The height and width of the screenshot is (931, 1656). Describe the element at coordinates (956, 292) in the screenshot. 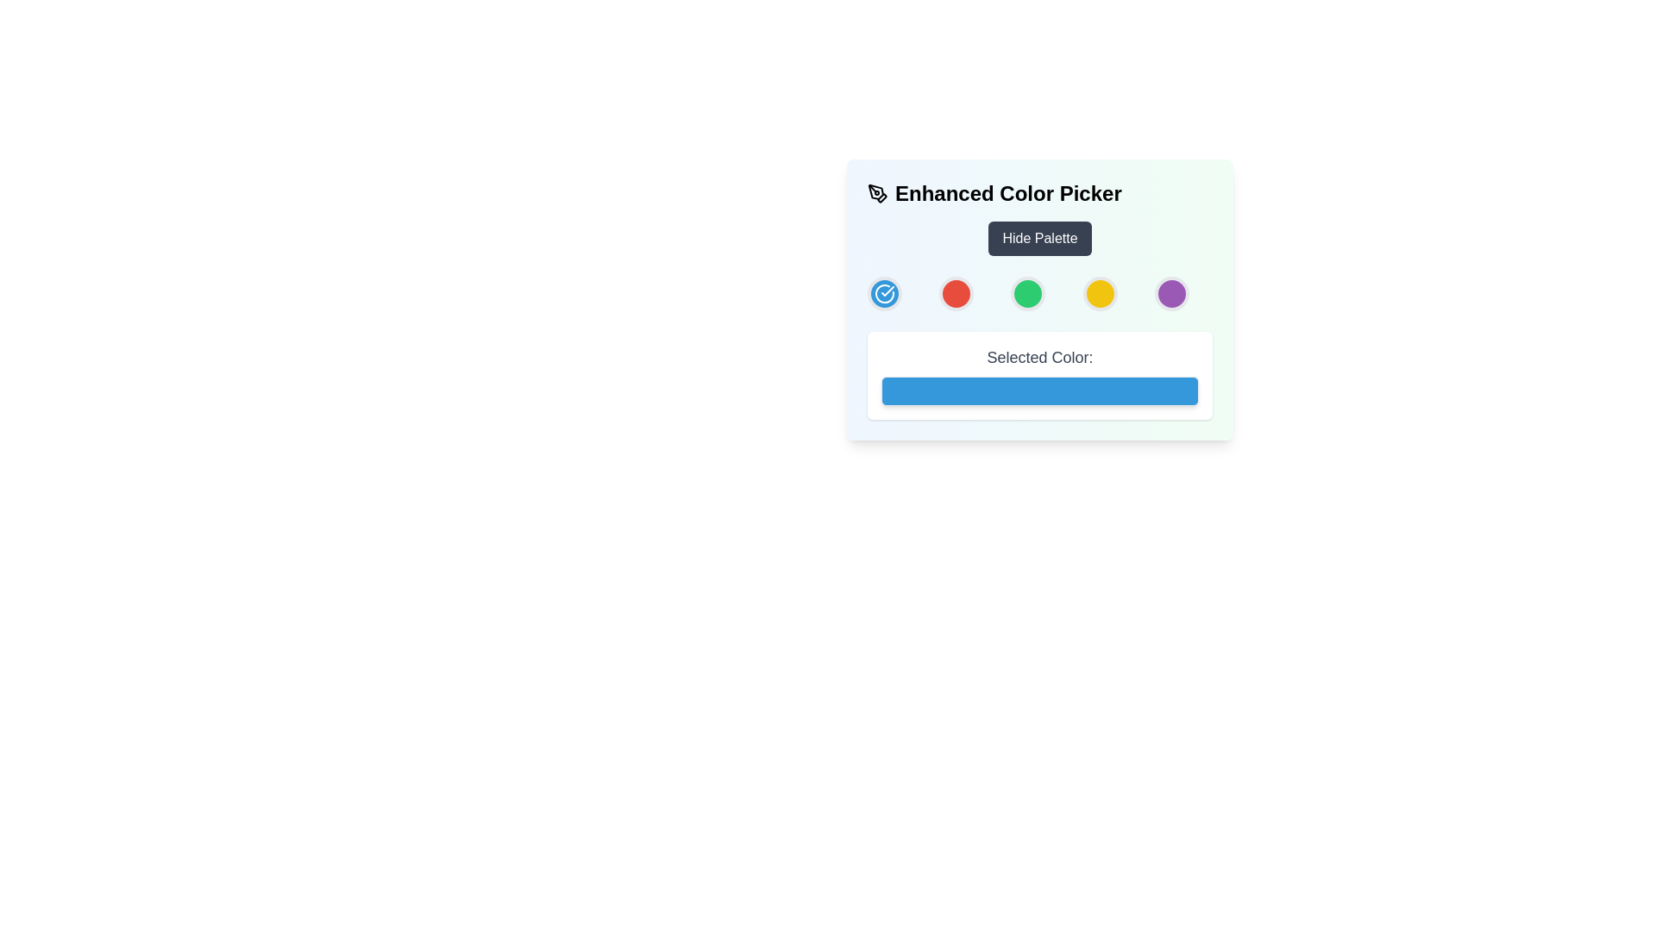

I see `the second circular button from the left in the color picker interface, which is bold red with a light gray border` at that location.